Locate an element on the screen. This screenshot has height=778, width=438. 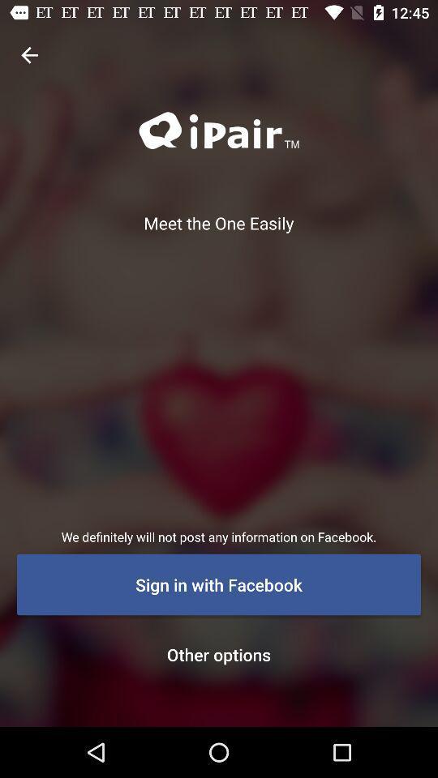
sign in with is located at coordinates (219, 583).